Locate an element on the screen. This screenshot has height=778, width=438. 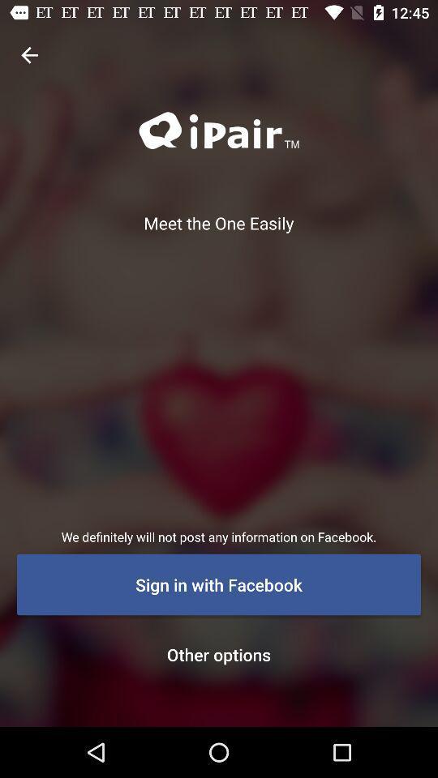
sign in with is located at coordinates (219, 583).